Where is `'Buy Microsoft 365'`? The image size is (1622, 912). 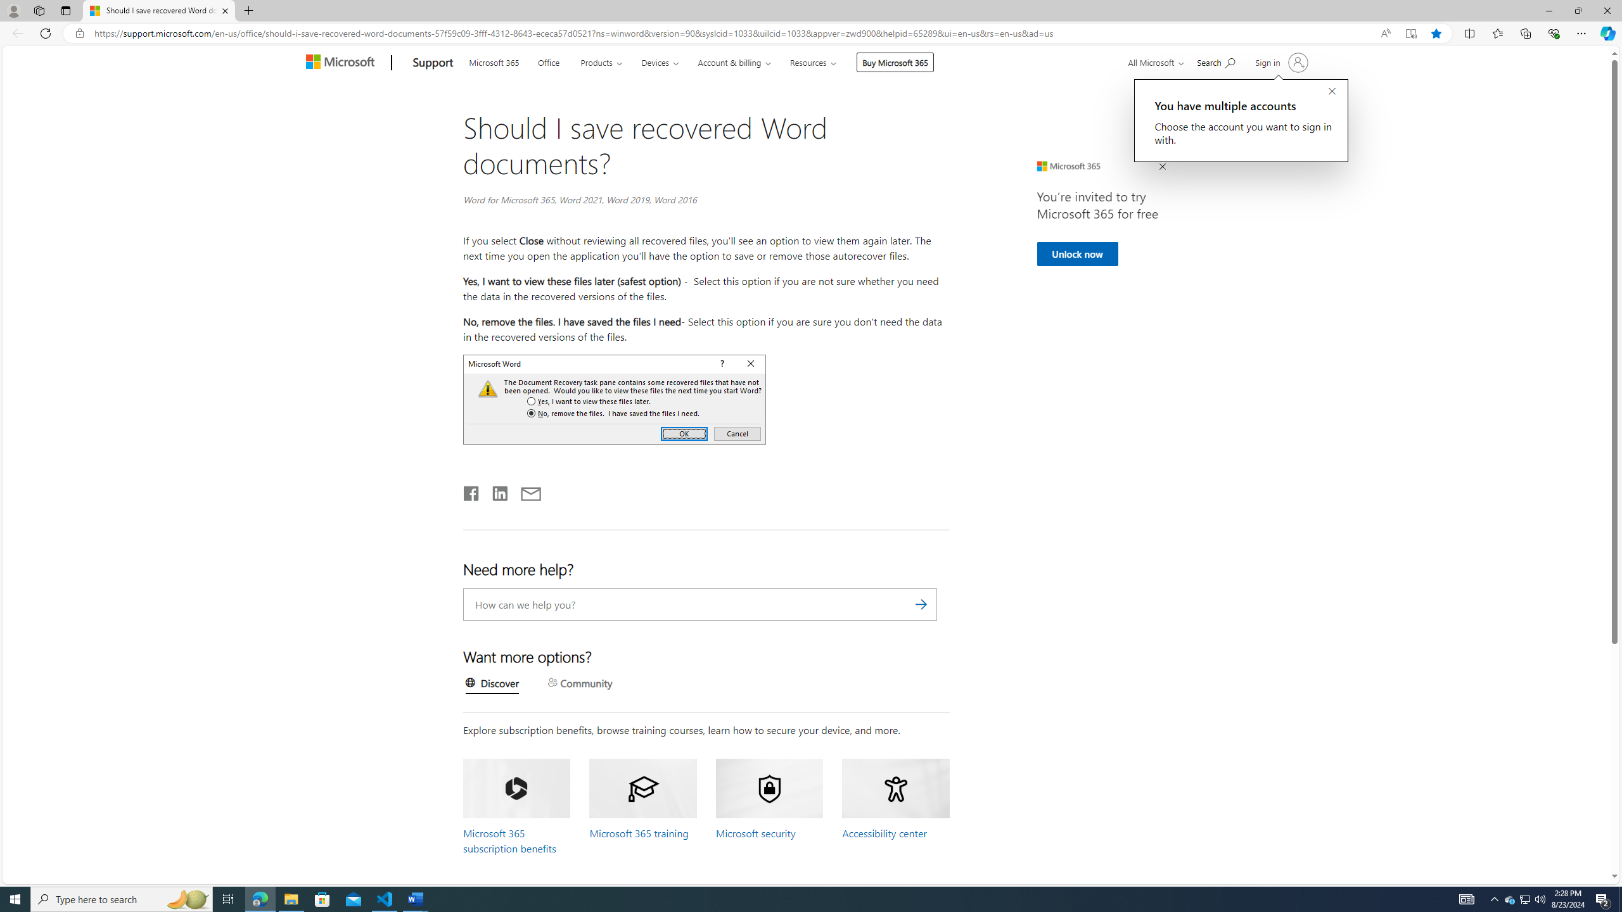
'Buy Microsoft 365' is located at coordinates (895, 61).